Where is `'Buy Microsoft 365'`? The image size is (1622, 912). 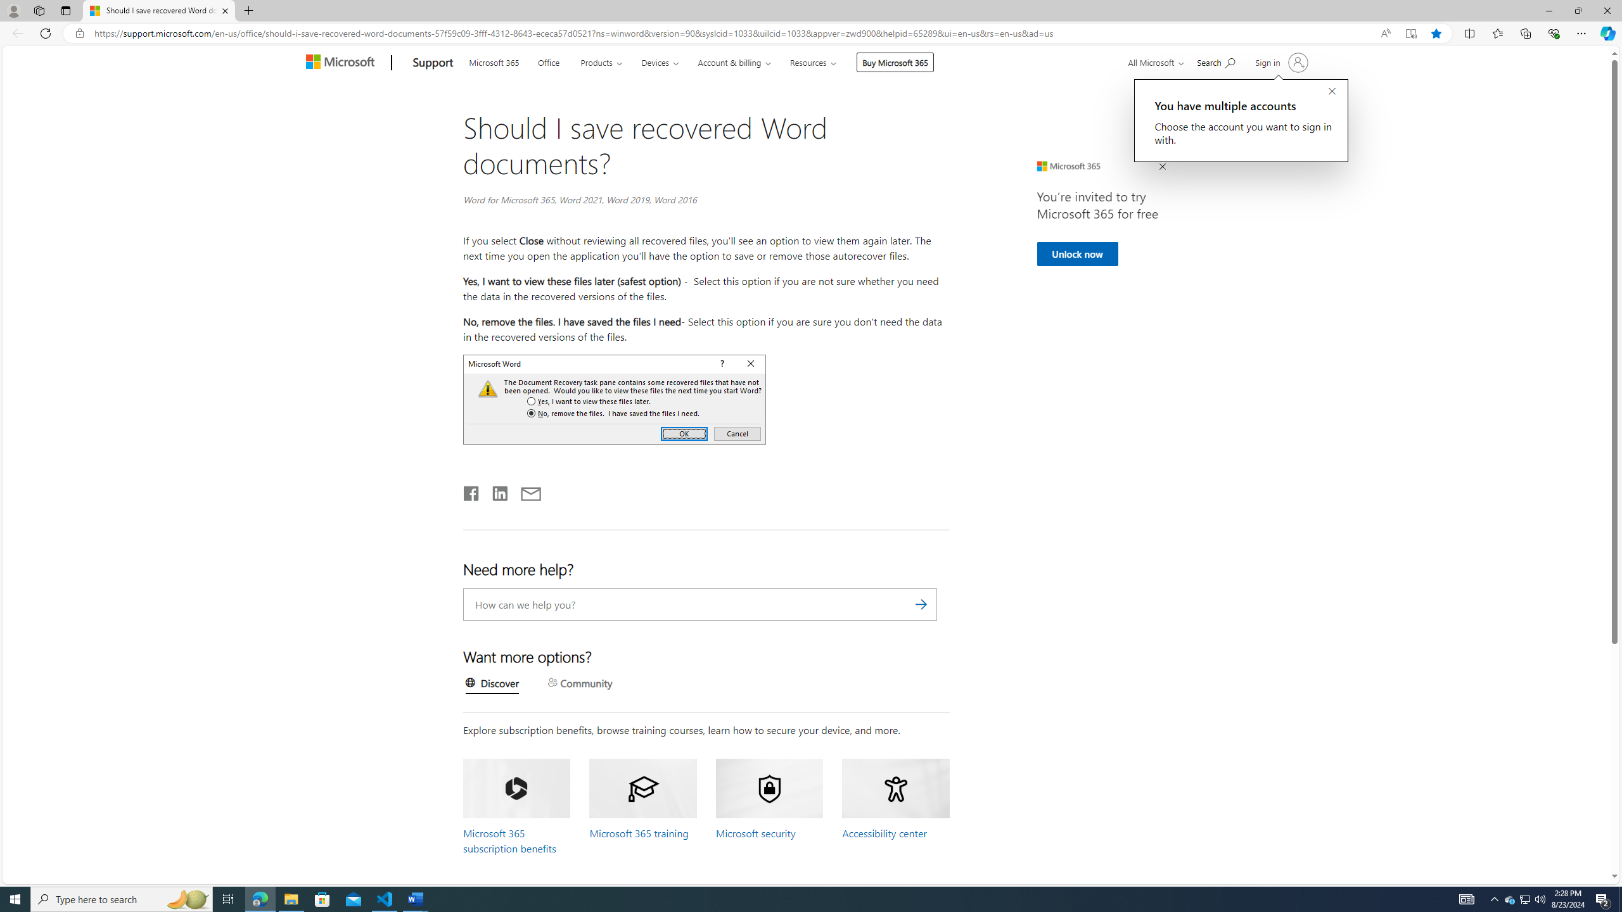
'Buy Microsoft 365' is located at coordinates (895, 61).